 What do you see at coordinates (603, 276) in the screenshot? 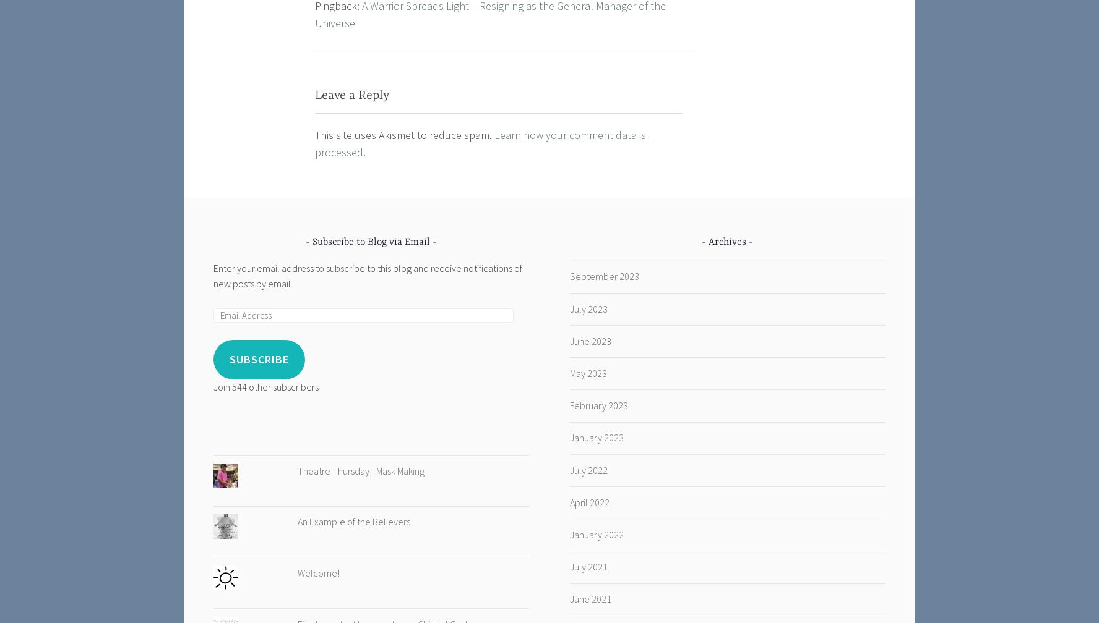
I see `'September 2023'` at bounding box center [603, 276].